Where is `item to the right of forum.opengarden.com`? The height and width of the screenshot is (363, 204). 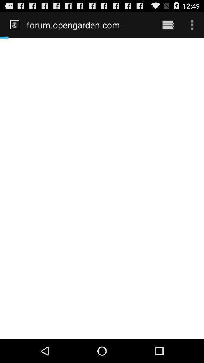 item to the right of forum.opengarden.com is located at coordinates (168, 25).